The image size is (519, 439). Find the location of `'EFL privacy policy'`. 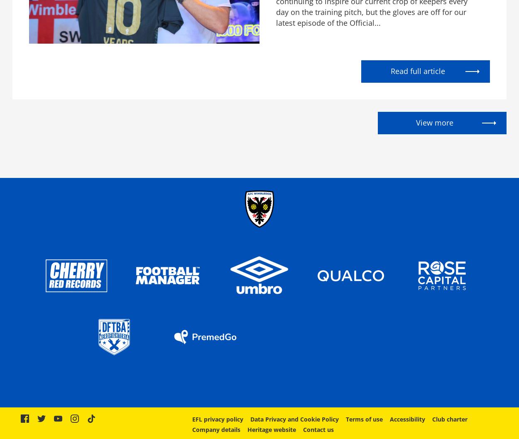

'EFL privacy policy' is located at coordinates (217, 418).